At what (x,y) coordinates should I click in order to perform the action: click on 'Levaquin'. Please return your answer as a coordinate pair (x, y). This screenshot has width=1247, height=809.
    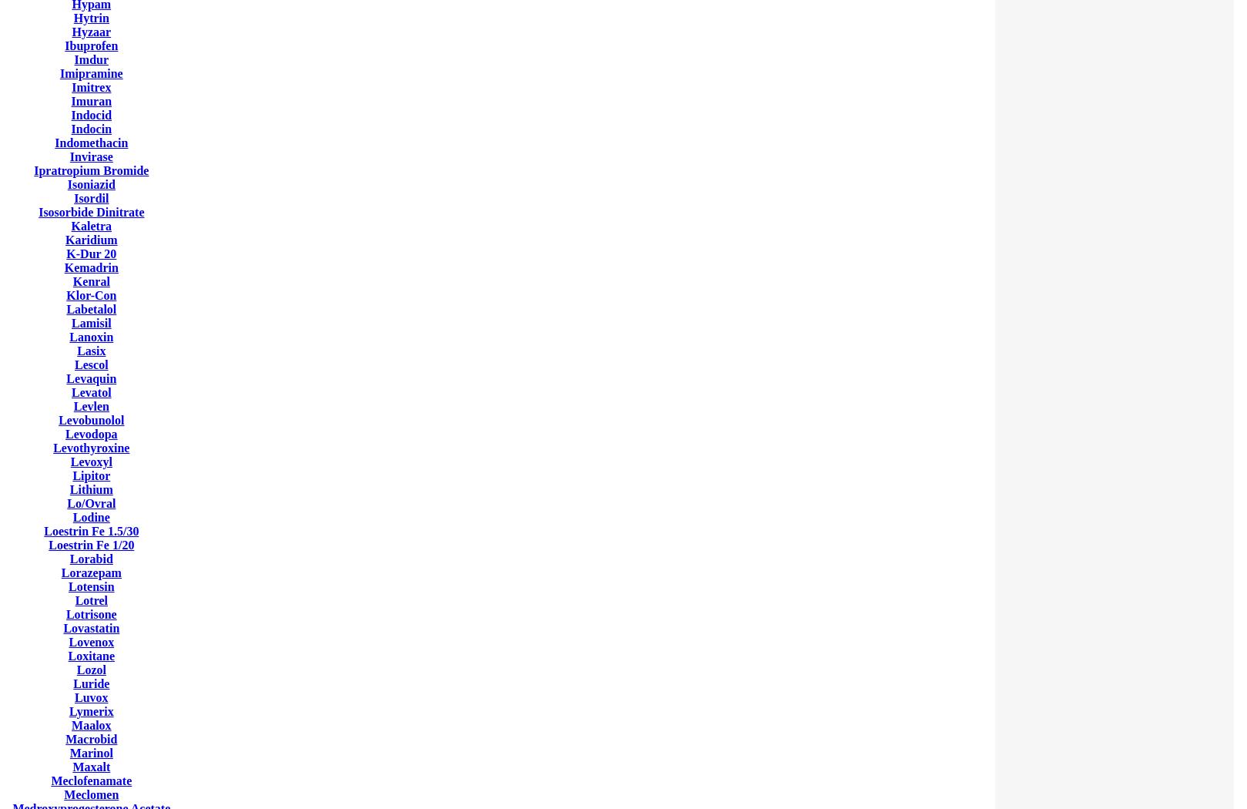
    Looking at the image, I should click on (91, 378).